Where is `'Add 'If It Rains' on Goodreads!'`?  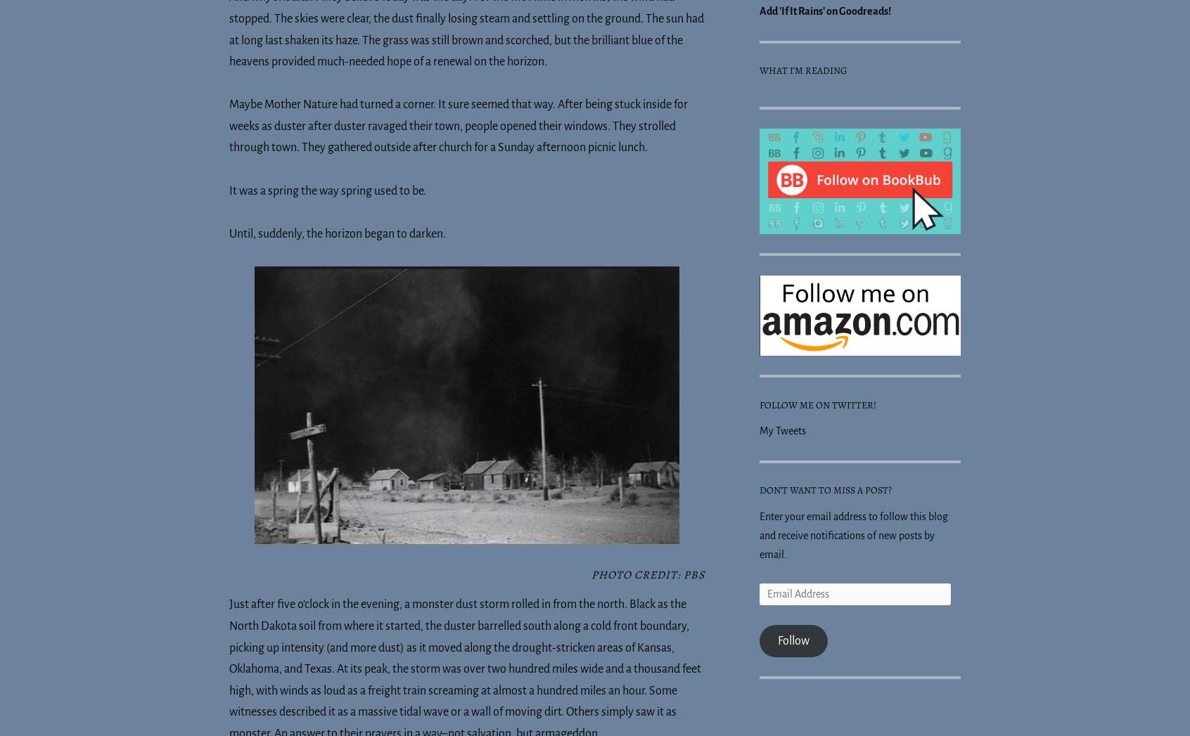
'Add 'If It Rains' on Goodreads!' is located at coordinates (824, 11).